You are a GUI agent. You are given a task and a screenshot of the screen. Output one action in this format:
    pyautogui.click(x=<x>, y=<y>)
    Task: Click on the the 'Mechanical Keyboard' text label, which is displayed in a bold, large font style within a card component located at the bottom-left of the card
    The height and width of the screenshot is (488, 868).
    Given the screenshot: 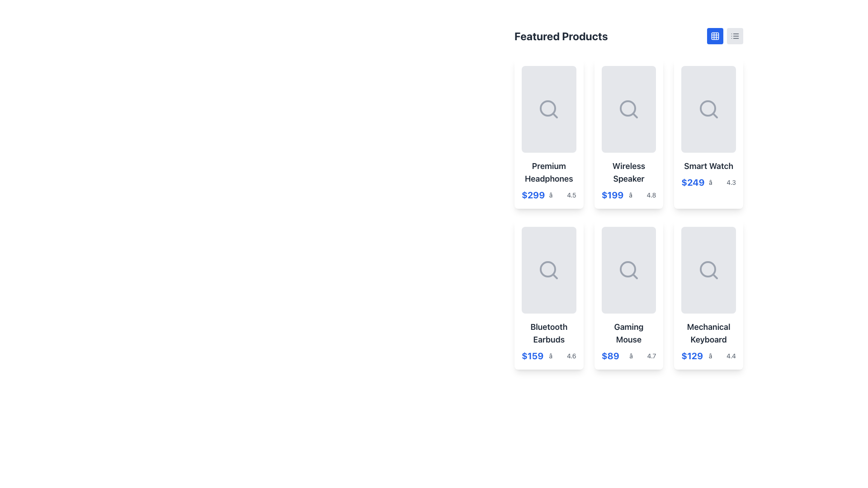 What is the action you would take?
    pyautogui.click(x=708, y=333)
    